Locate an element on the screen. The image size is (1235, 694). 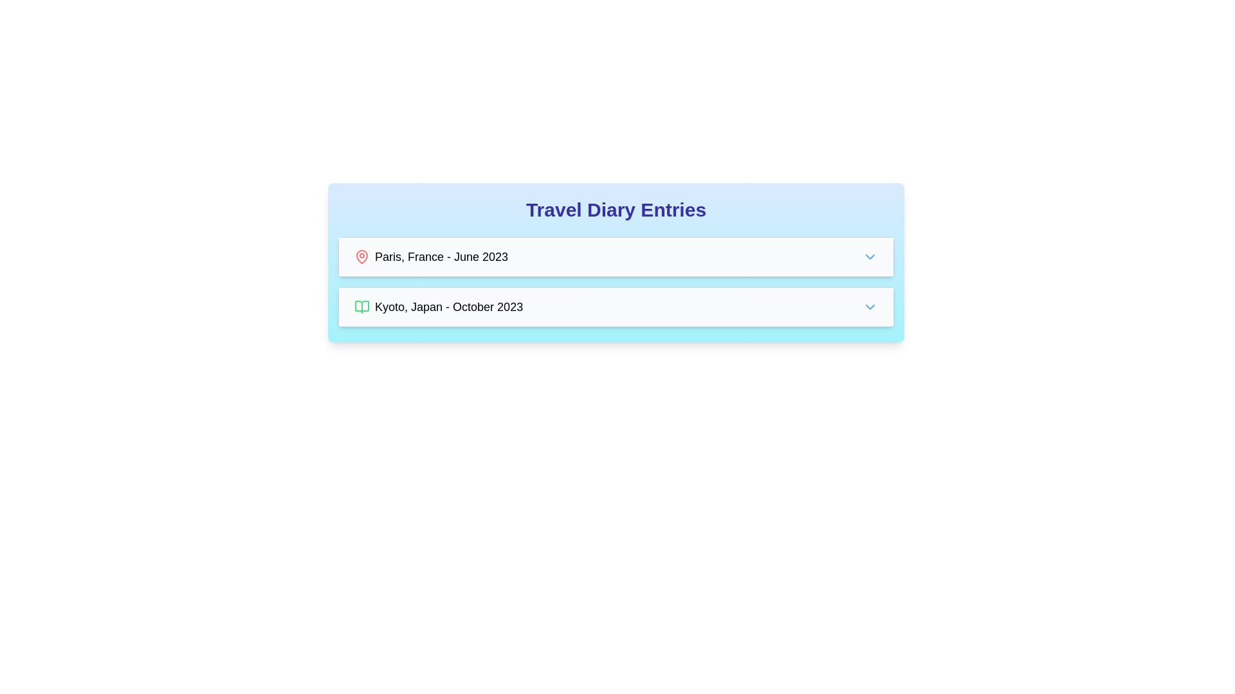
the second list item representing a travel journal entry in the 'Travel Diary Entries' section is located at coordinates (616, 307).